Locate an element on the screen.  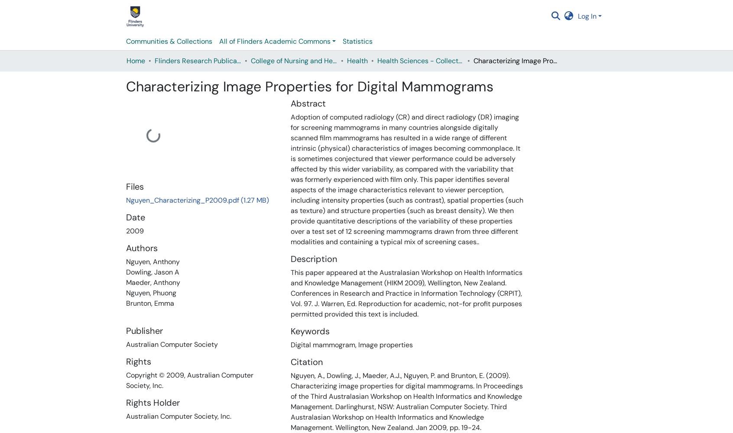
'Description' is located at coordinates (313, 259).